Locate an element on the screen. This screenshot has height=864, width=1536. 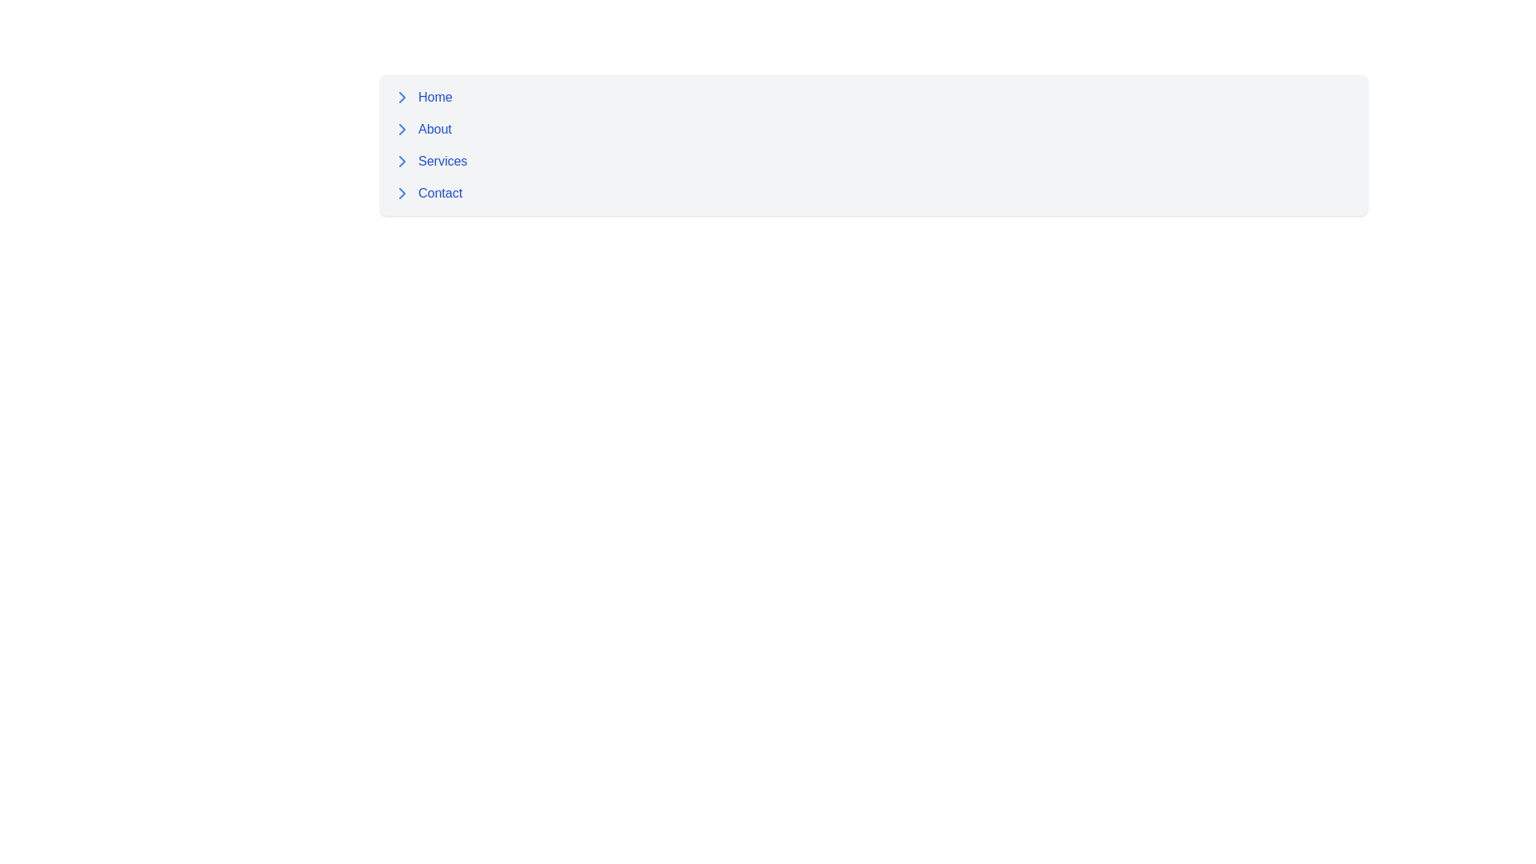
the icon associated with the 'Contact' navigation item located to the left of the 'Contact' text in the vertical navigation menu is located at coordinates (402, 193).